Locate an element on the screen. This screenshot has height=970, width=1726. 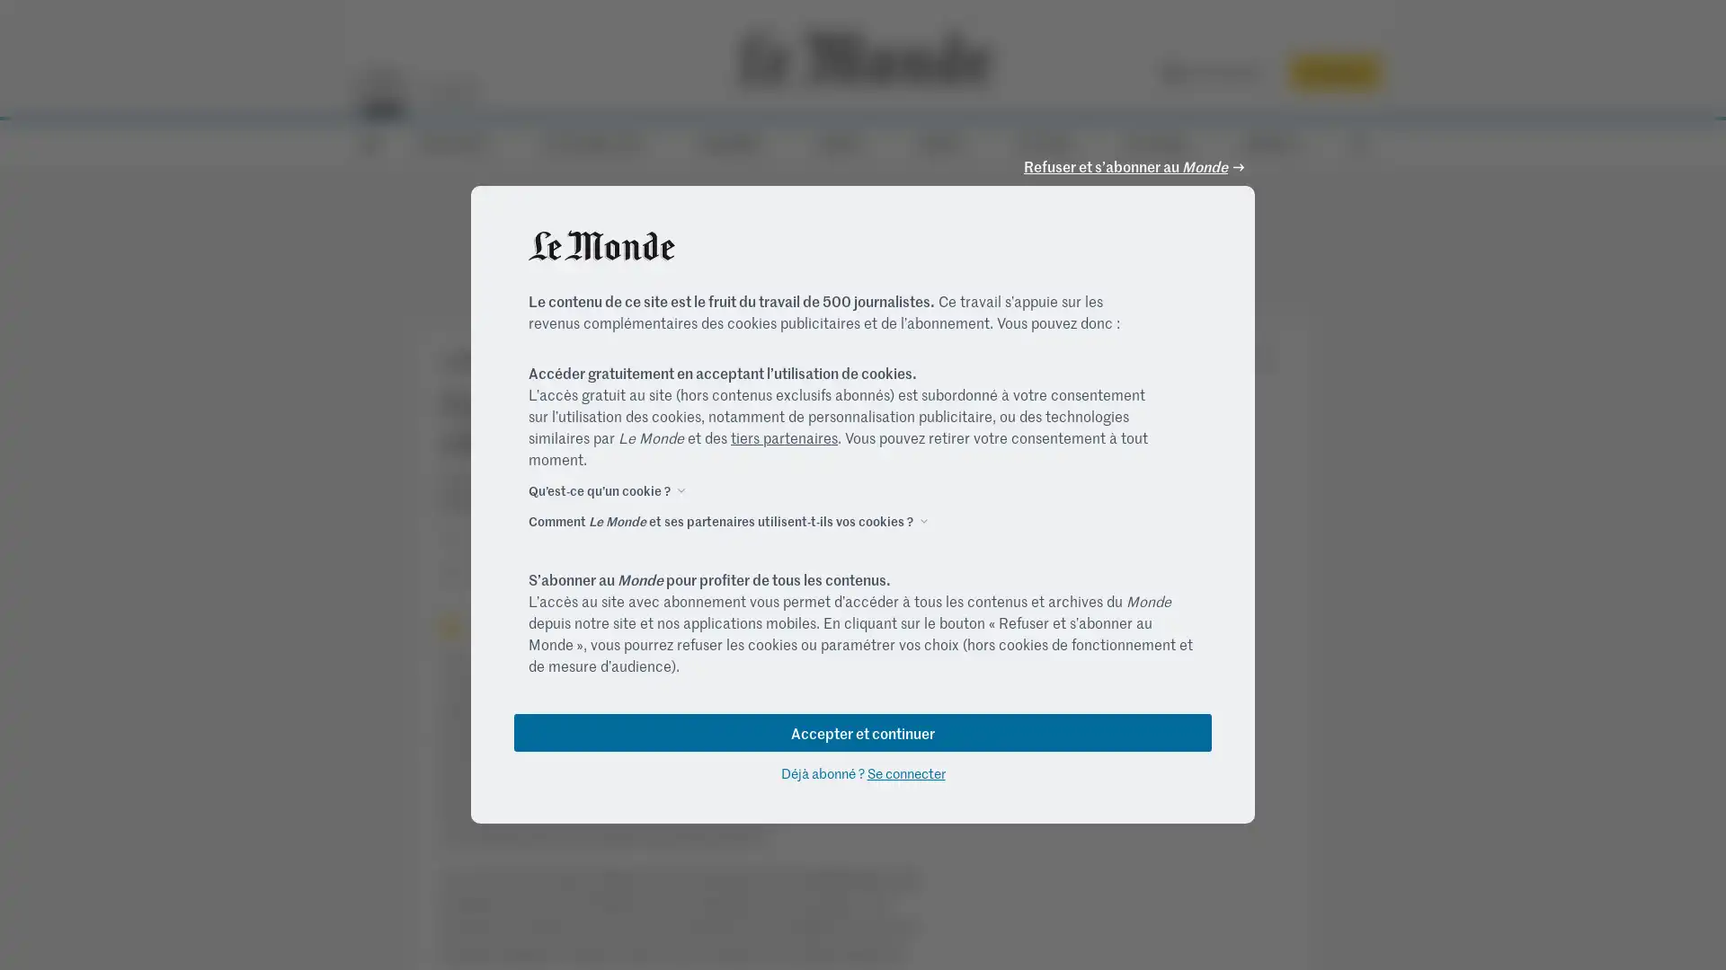
Partage desactive is located at coordinates (1260, 357).